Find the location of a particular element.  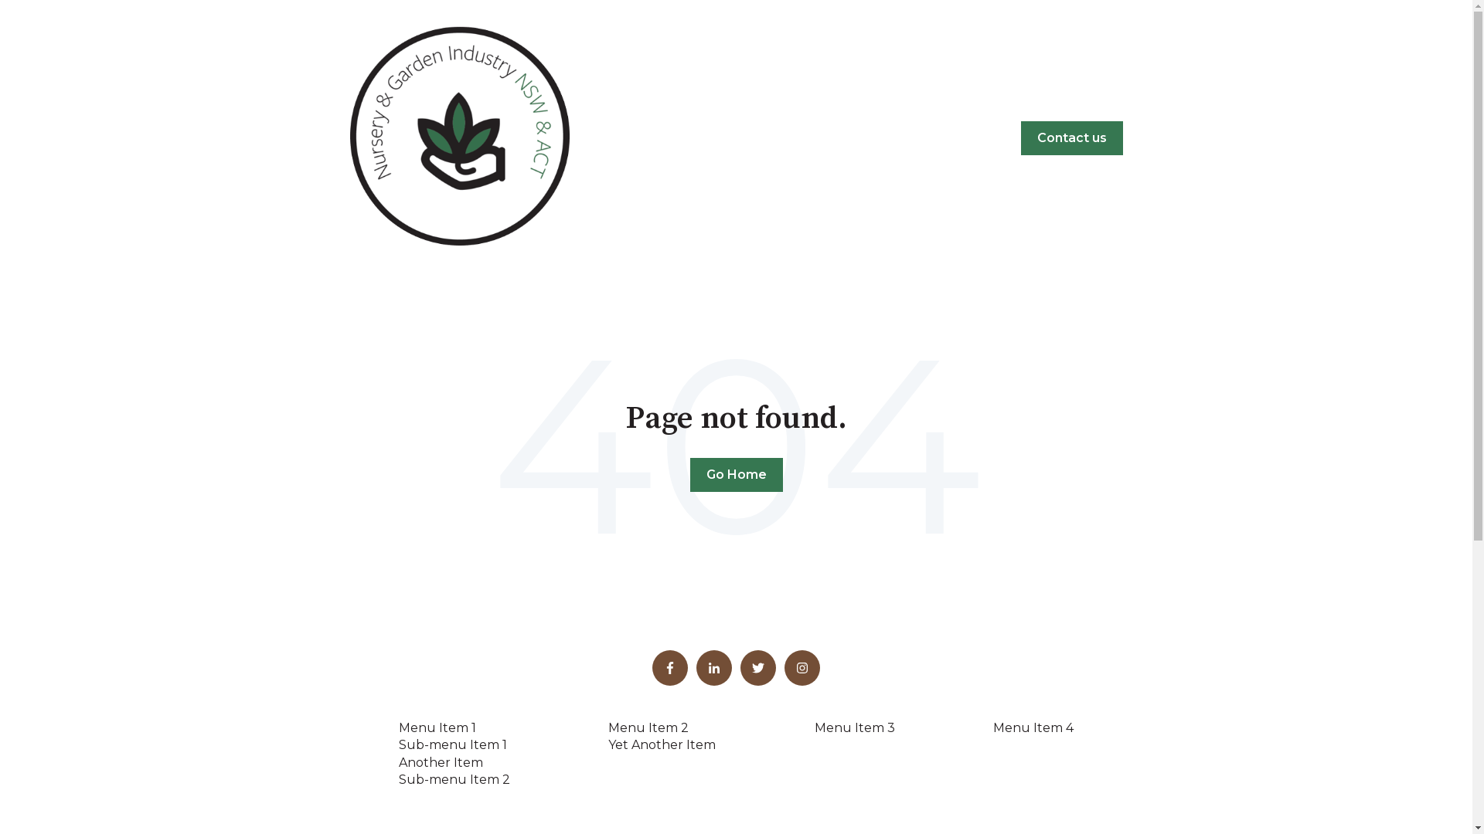

'Yet Another Item' is located at coordinates (662, 744).